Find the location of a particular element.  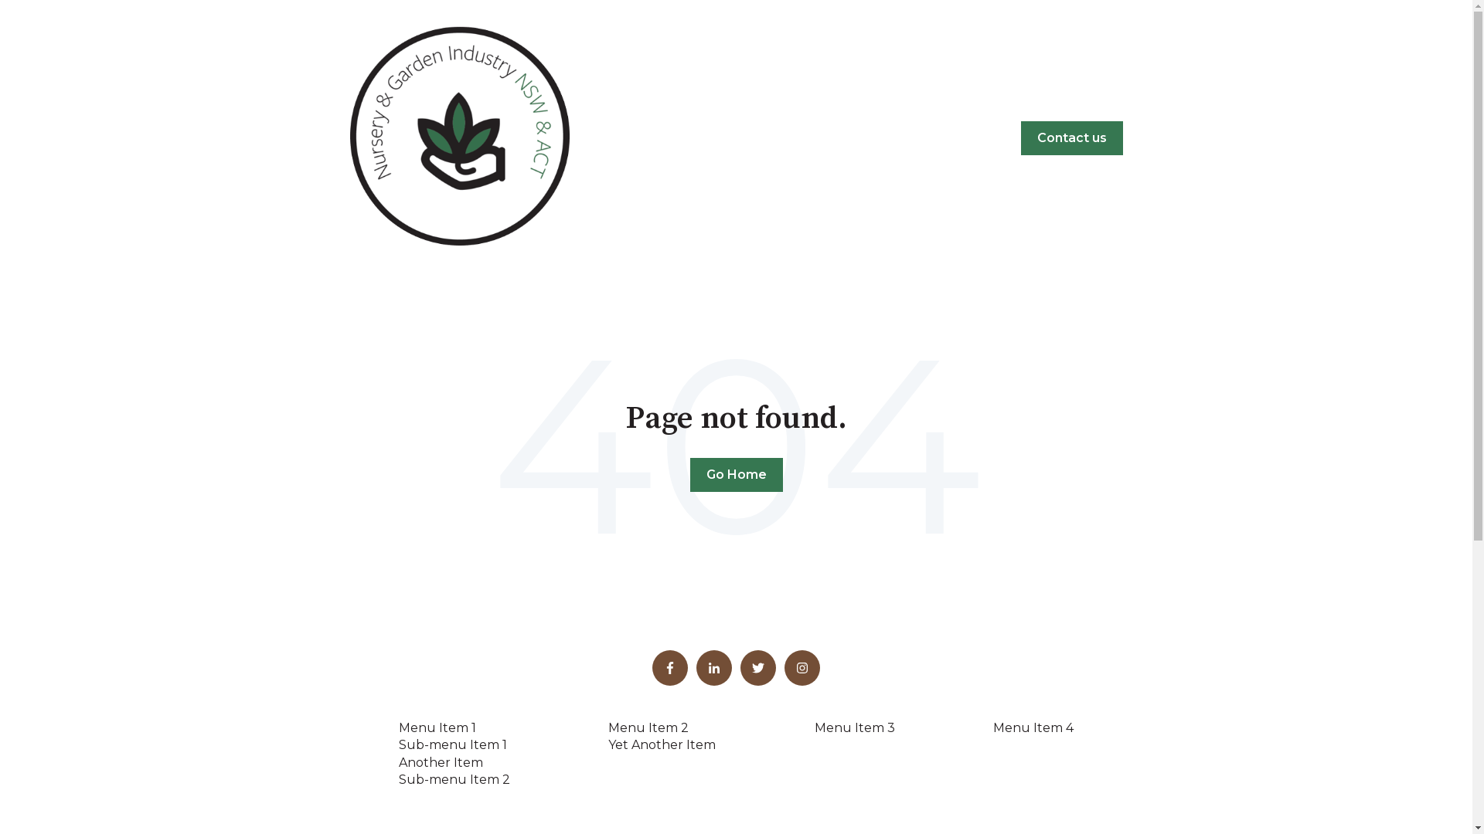

'Yet Another Item' is located at coordinates (662, 744).